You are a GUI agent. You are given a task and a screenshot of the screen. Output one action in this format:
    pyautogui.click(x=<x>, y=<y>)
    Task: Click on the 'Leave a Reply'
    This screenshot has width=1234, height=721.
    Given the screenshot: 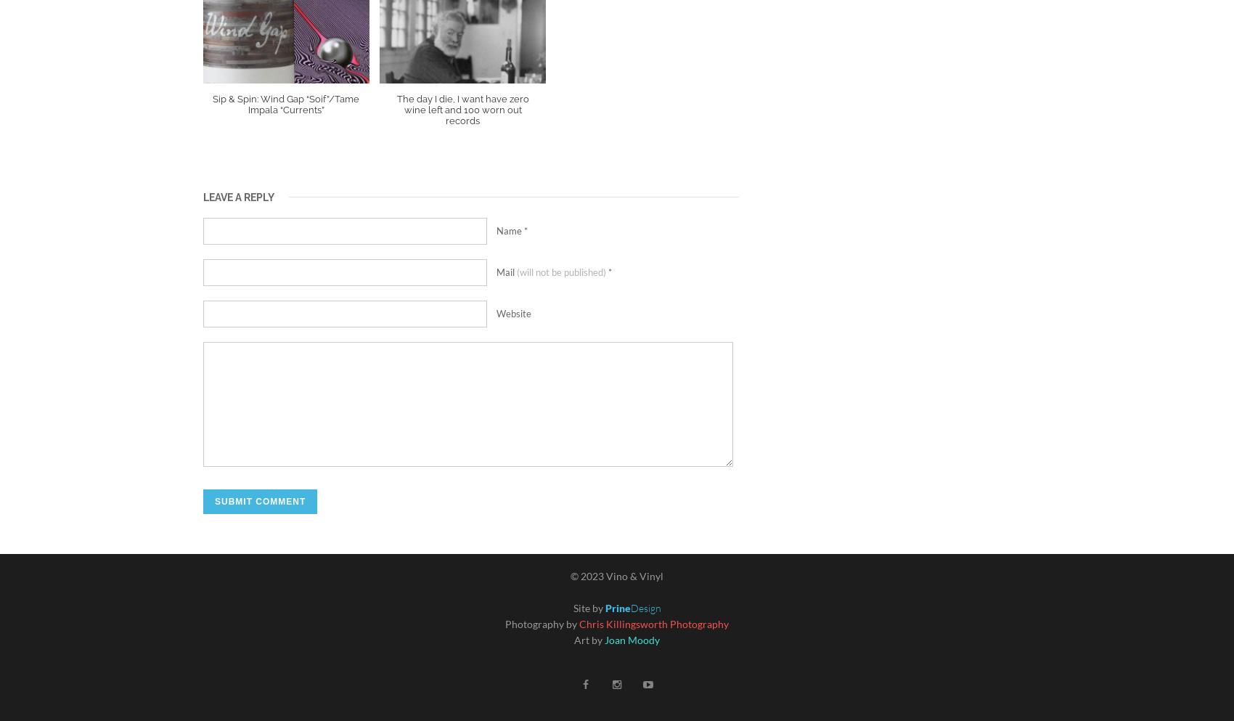 What is the action you would take?
    pyautogui.click(x=237, y=196)
    